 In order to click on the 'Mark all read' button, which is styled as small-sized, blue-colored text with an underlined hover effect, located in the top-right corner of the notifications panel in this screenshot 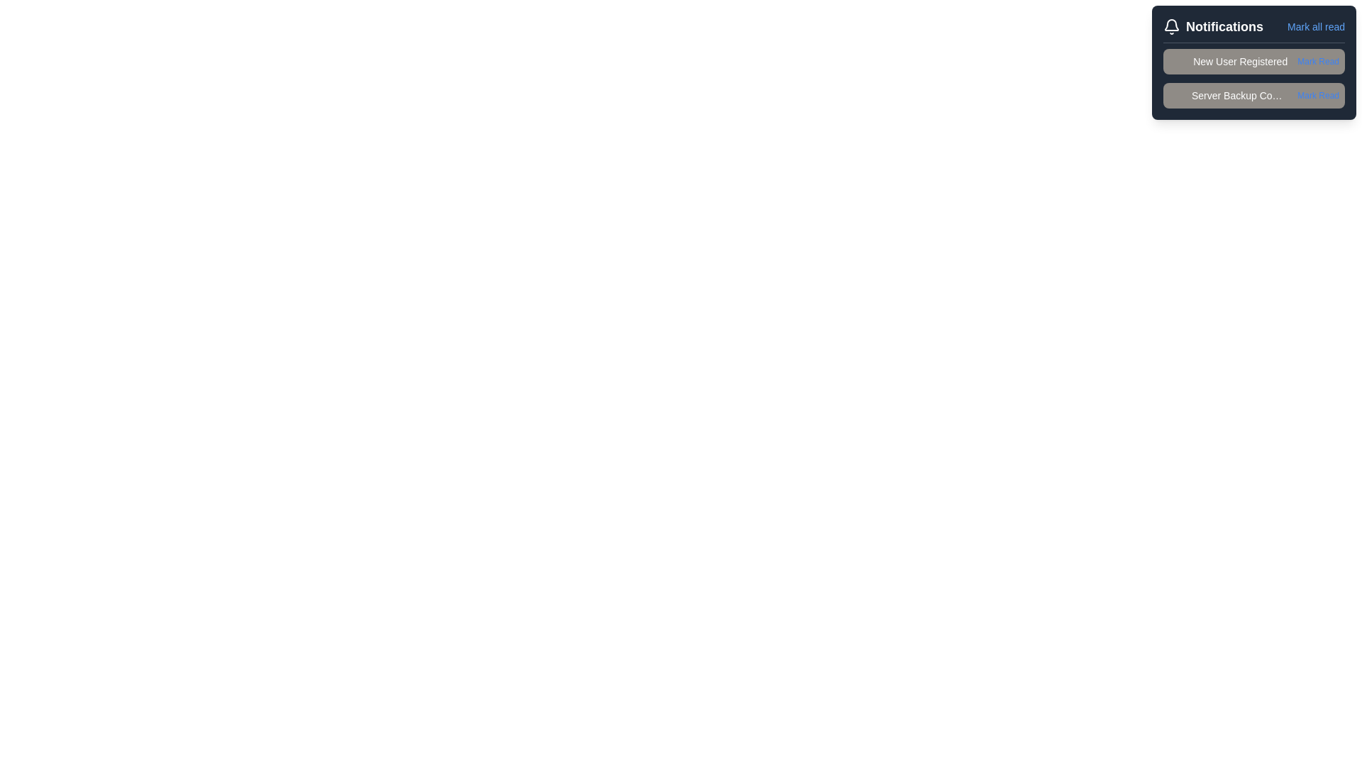, I will do `click(1315, 27)`.